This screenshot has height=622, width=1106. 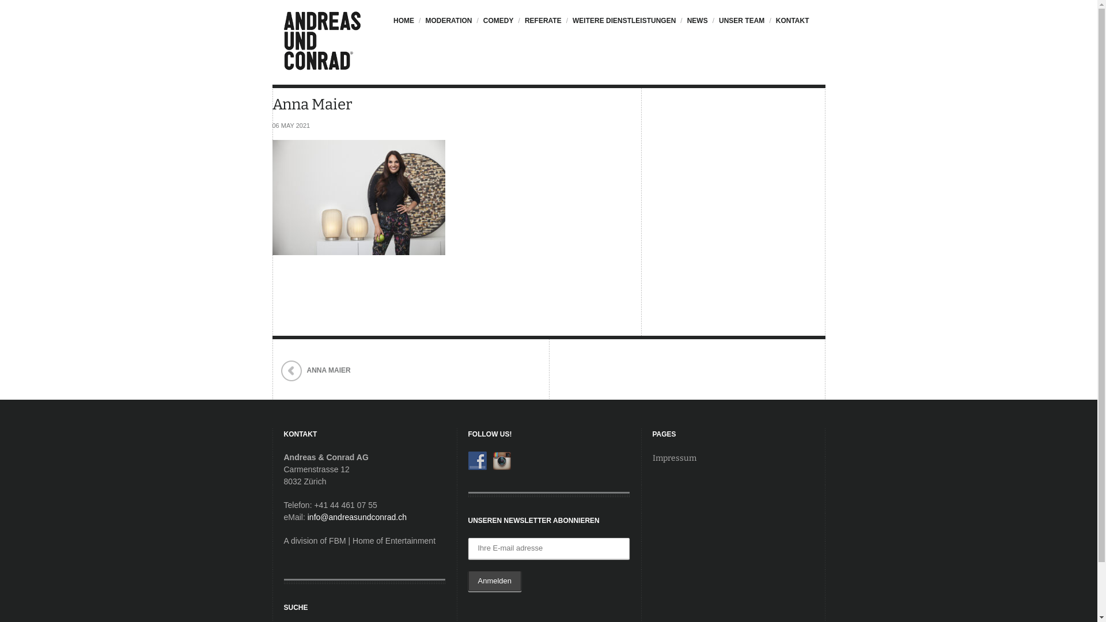 I want to click on 'NEWS', so click(x=695, y=26).